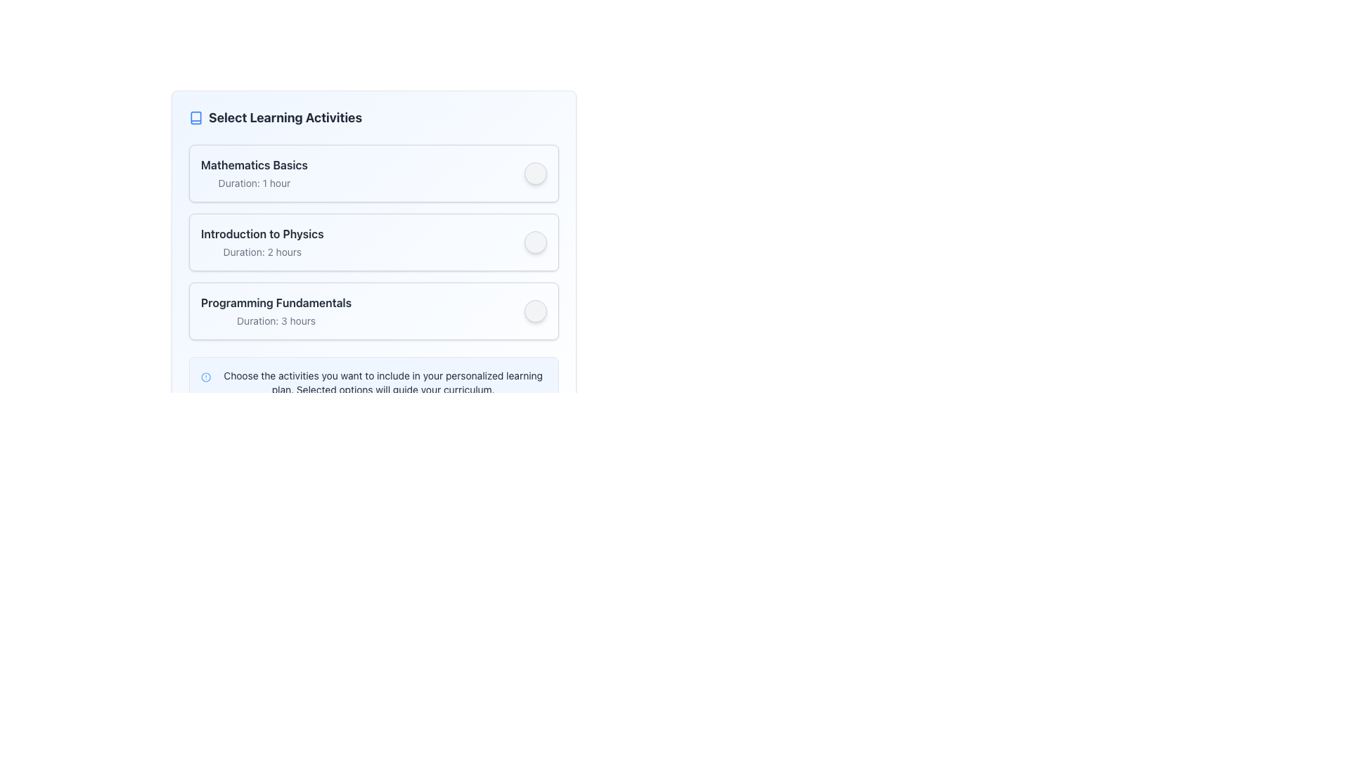 The image size is (1350, 759). I want to click on the decorative icon located at the top-left corner of the interface, which is directly to the left of the title 'Select Learning Activities', so click(195, 117).